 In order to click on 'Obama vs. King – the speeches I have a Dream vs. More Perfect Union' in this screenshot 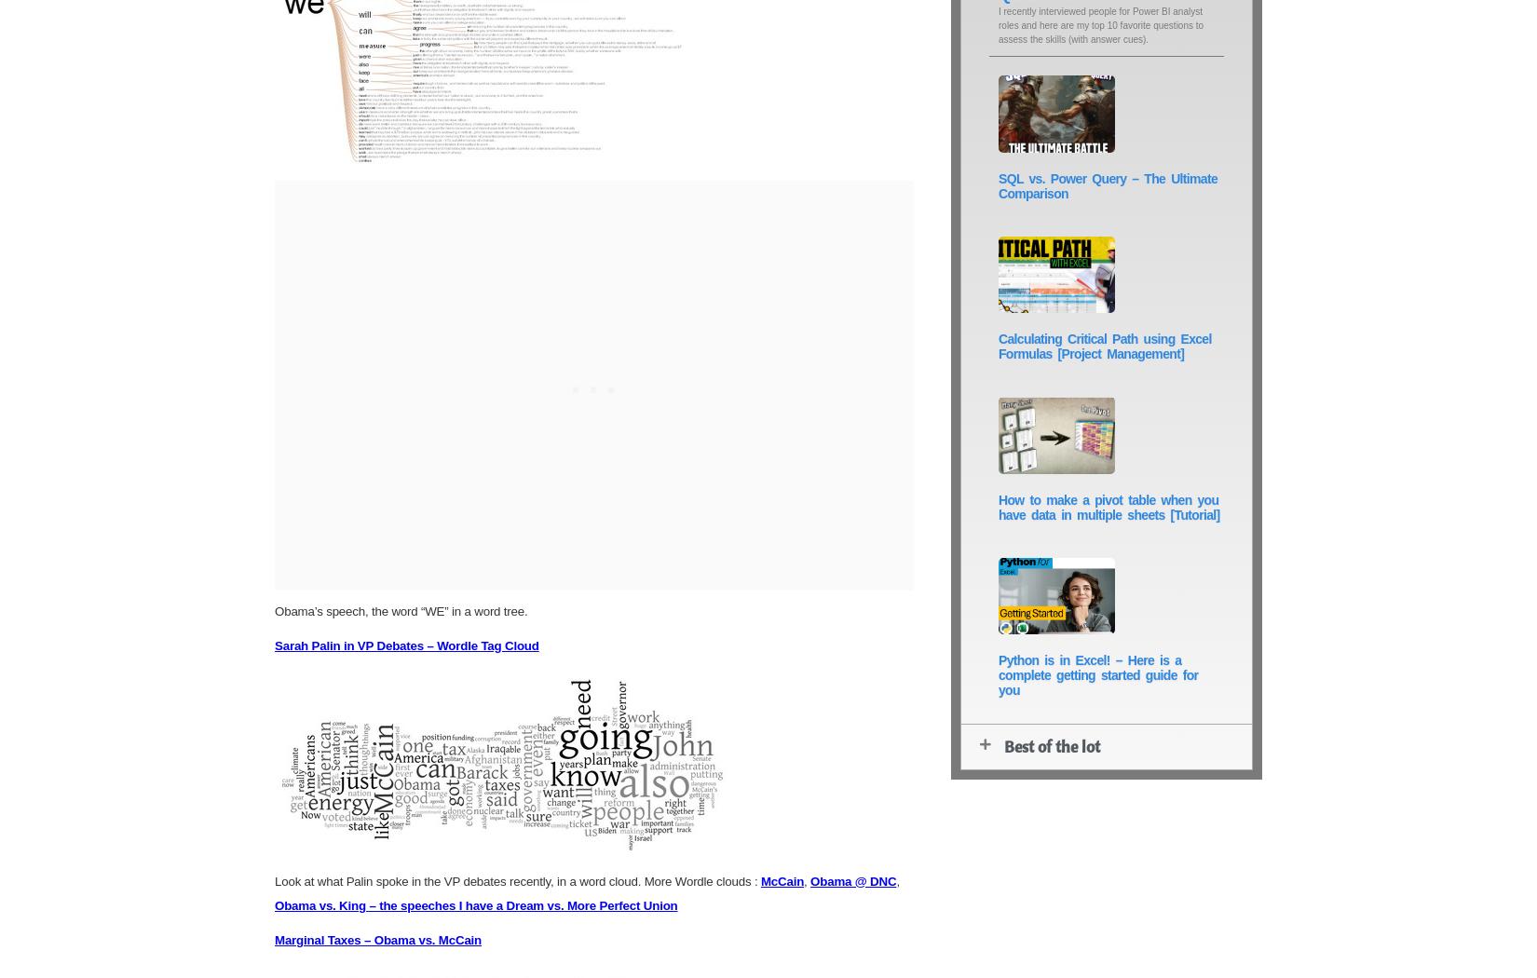, I will do `click(475, 904)`.